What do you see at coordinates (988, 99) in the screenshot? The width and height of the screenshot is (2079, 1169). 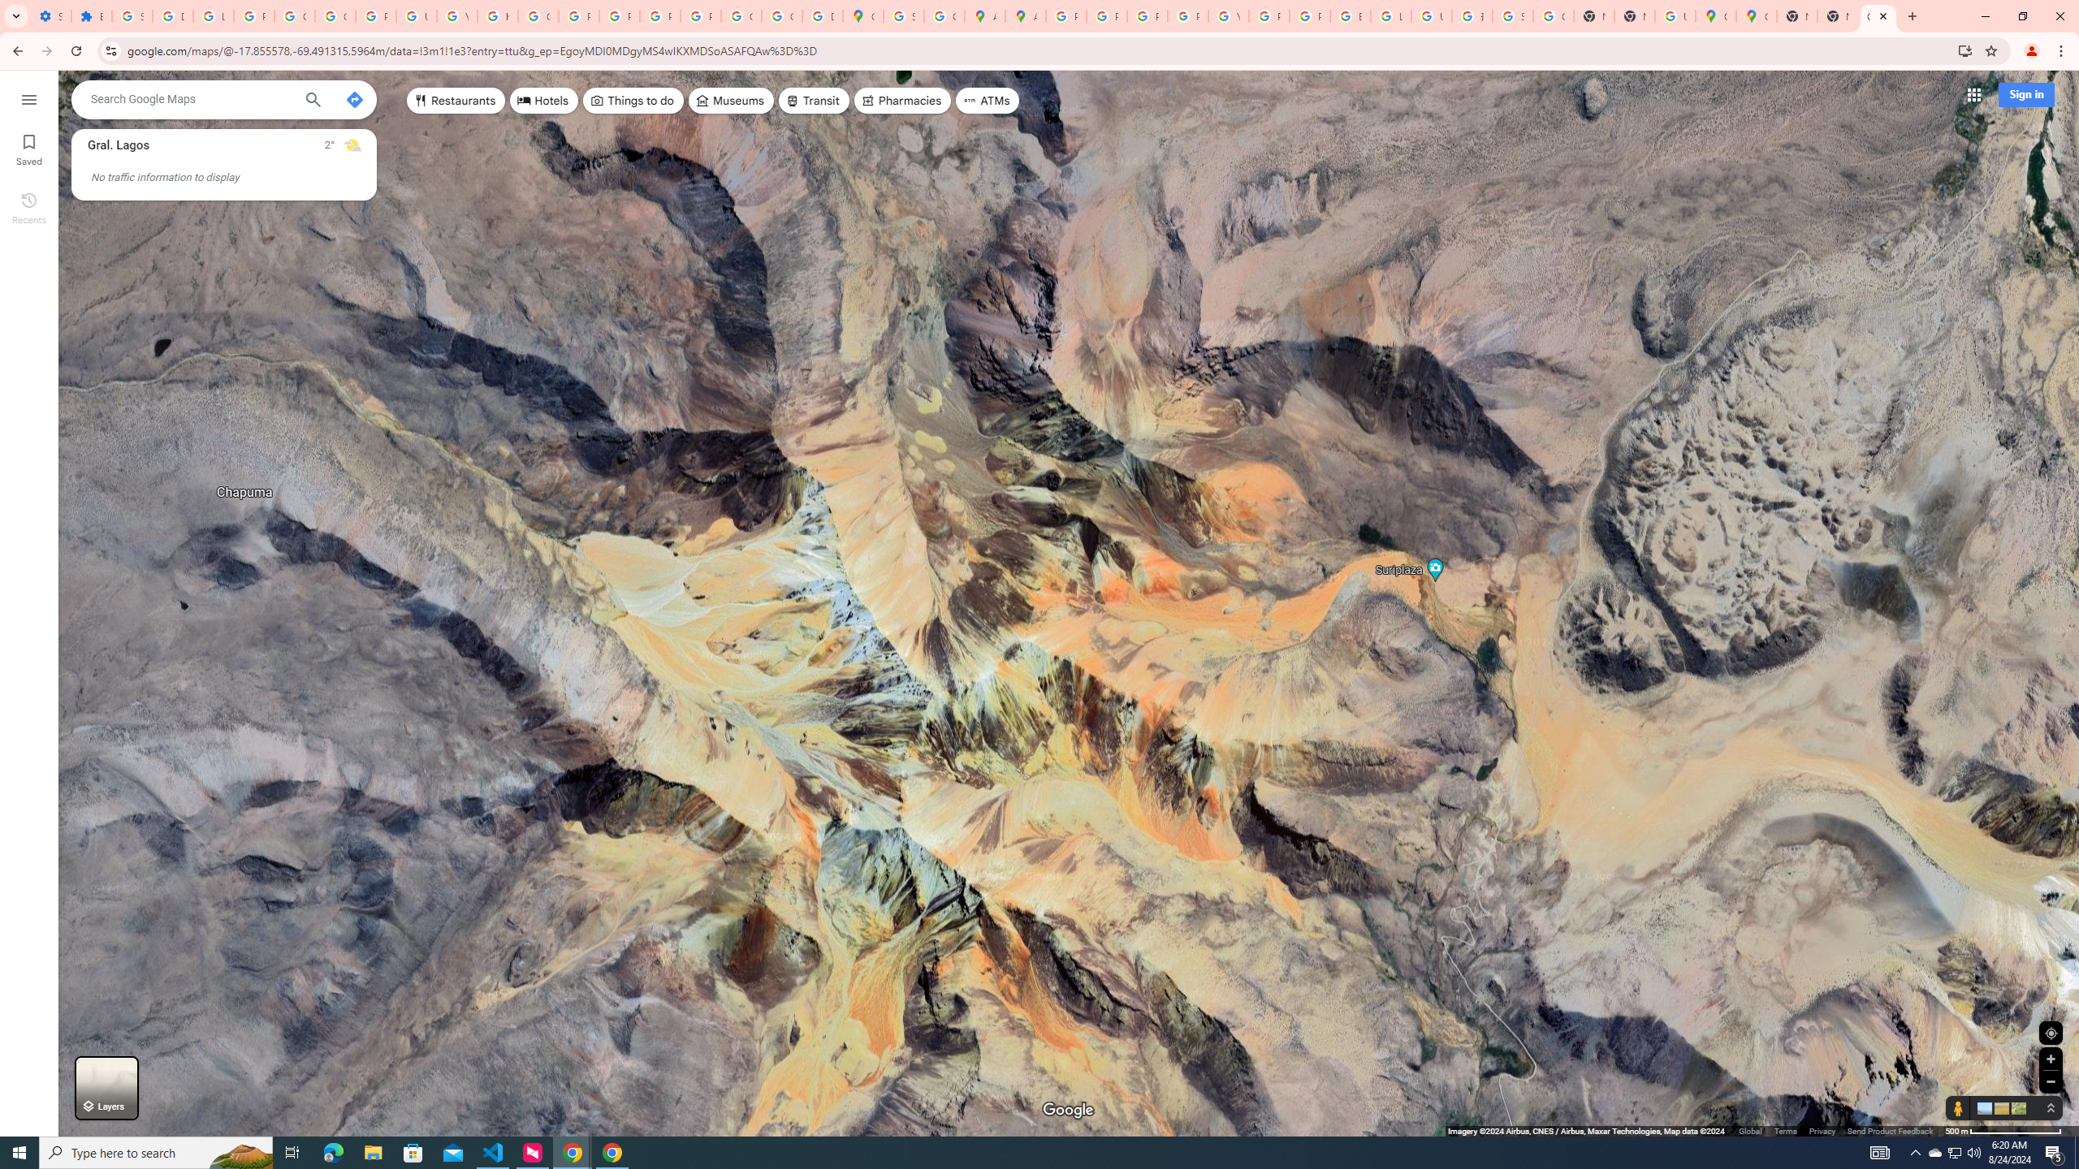 I see `'ATMs'` at bounding box center [988, 99].